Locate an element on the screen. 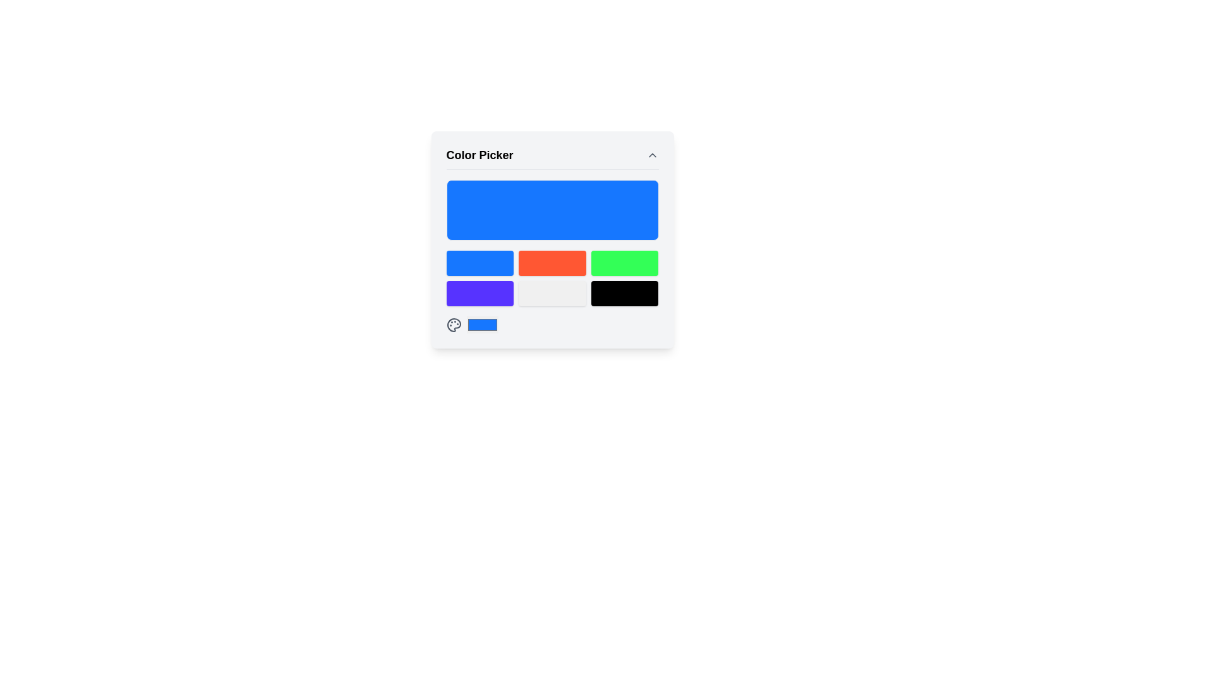  the Color input box, which is a horizontal rectangular box filled with blue color, located adjacent to a small palette icon on the left side is located at coordinates (481, 324).